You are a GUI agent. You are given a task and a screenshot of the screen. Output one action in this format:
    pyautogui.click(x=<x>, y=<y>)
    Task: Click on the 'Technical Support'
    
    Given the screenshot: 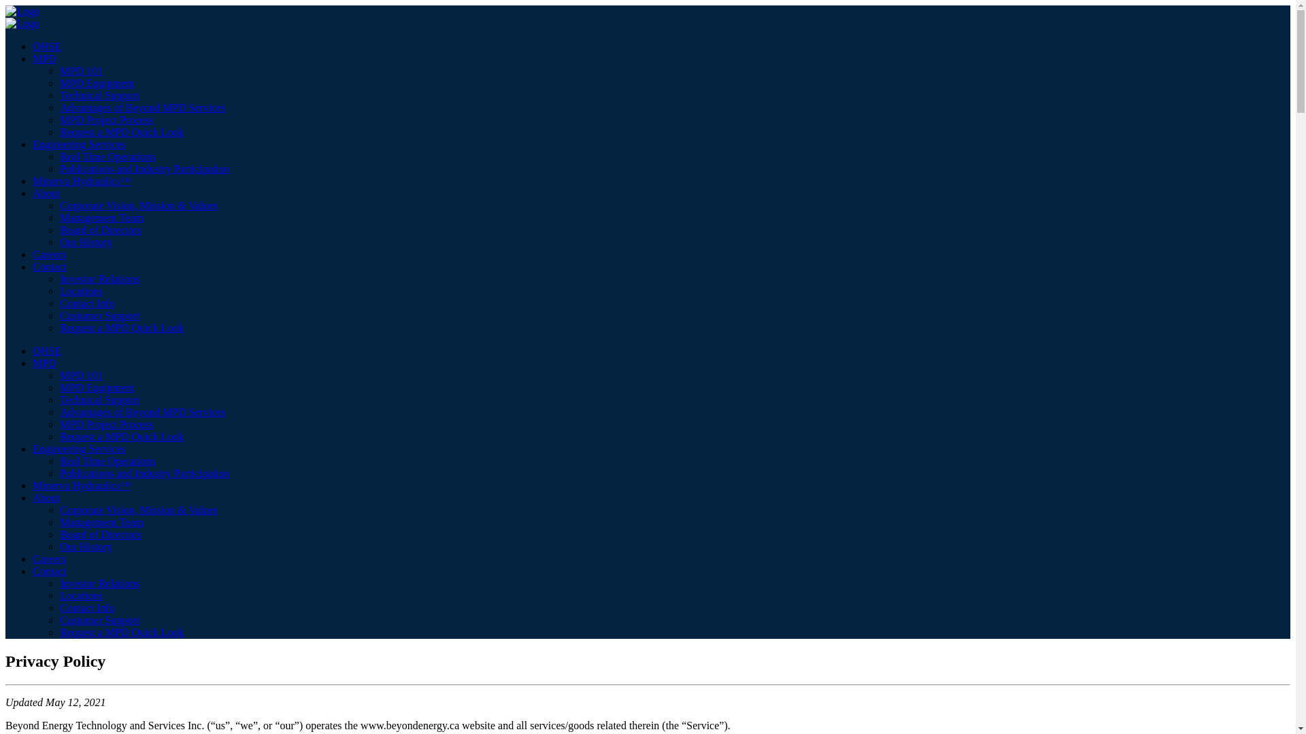 What is the action you would take?
    pyautogui.click(x=99, y=94)
    